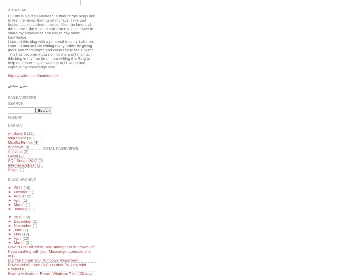 The height and width of the screenshot is (276, 340). What do you see at coordinates (15, 103) in the screenshot?
I see `'Search'` at bounding box center [15, 103].